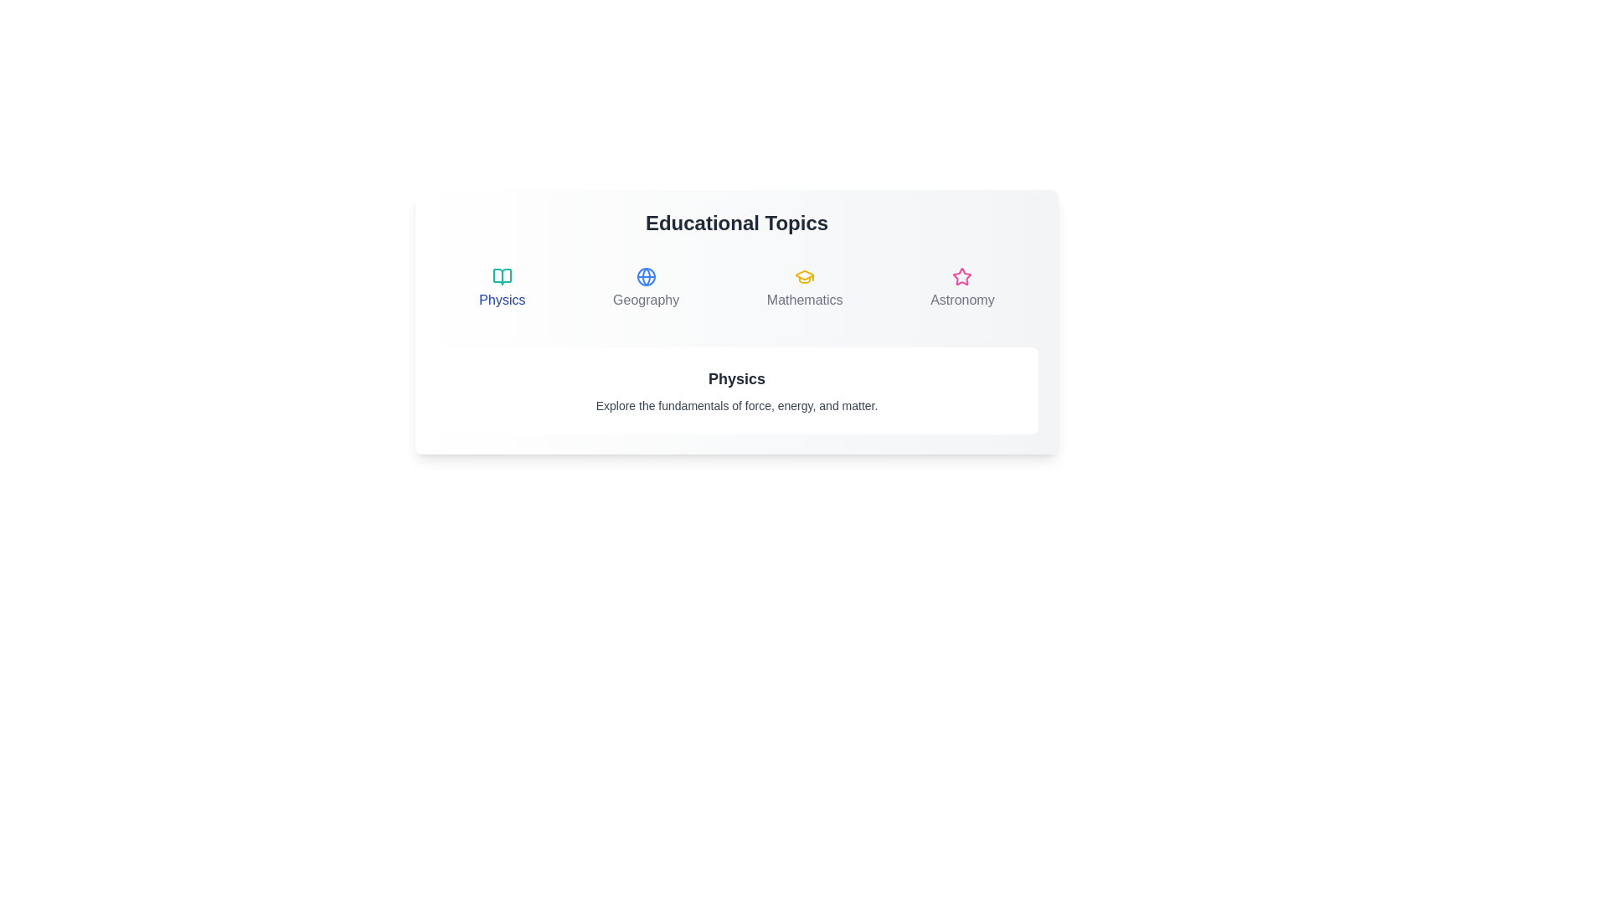 The image size is (1608, 904). Describe the element at coordinates (501, 287) in the screenshot. I see `the Physics tab to observe visual feedback` at that location.